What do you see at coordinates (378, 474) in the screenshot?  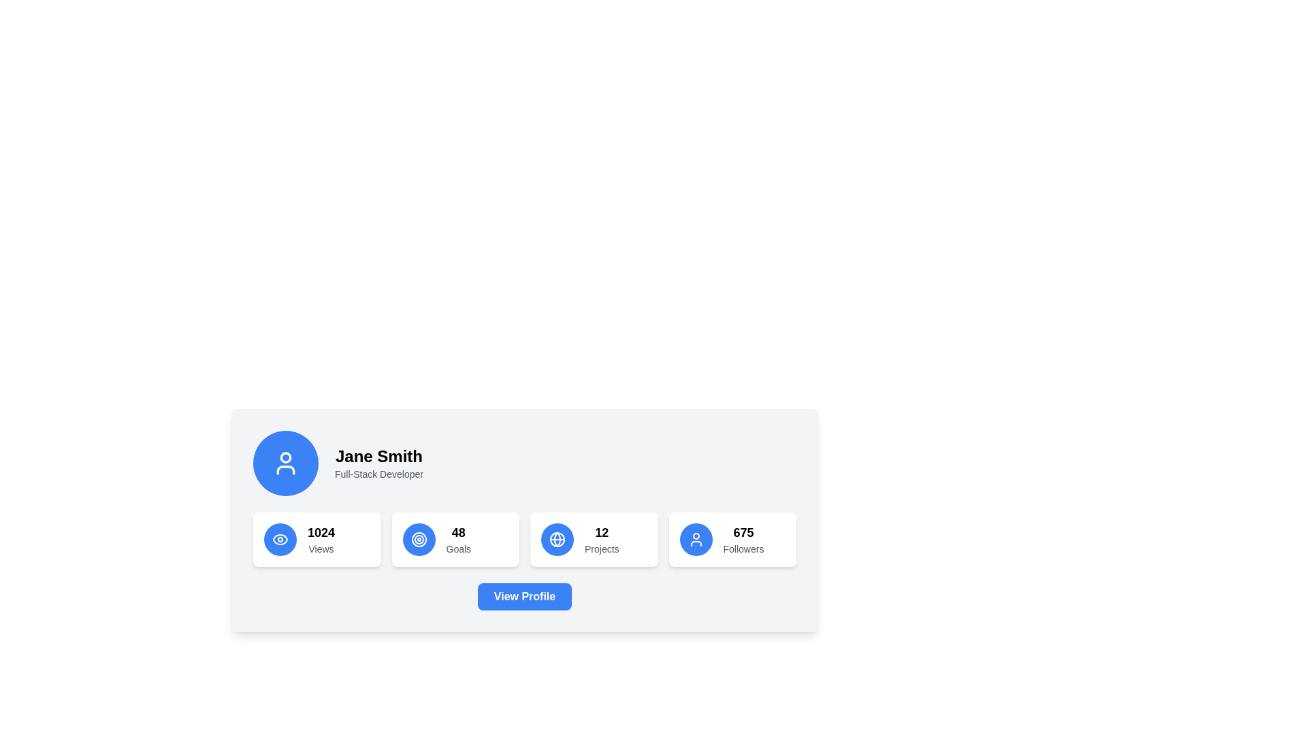 I see `text label displaying 'Full-Stack Developer' which is a small, gray font text aligned beneath 'Jane Smith' in a profile-like card on the left side of the display` at bounding box center [378, 474].